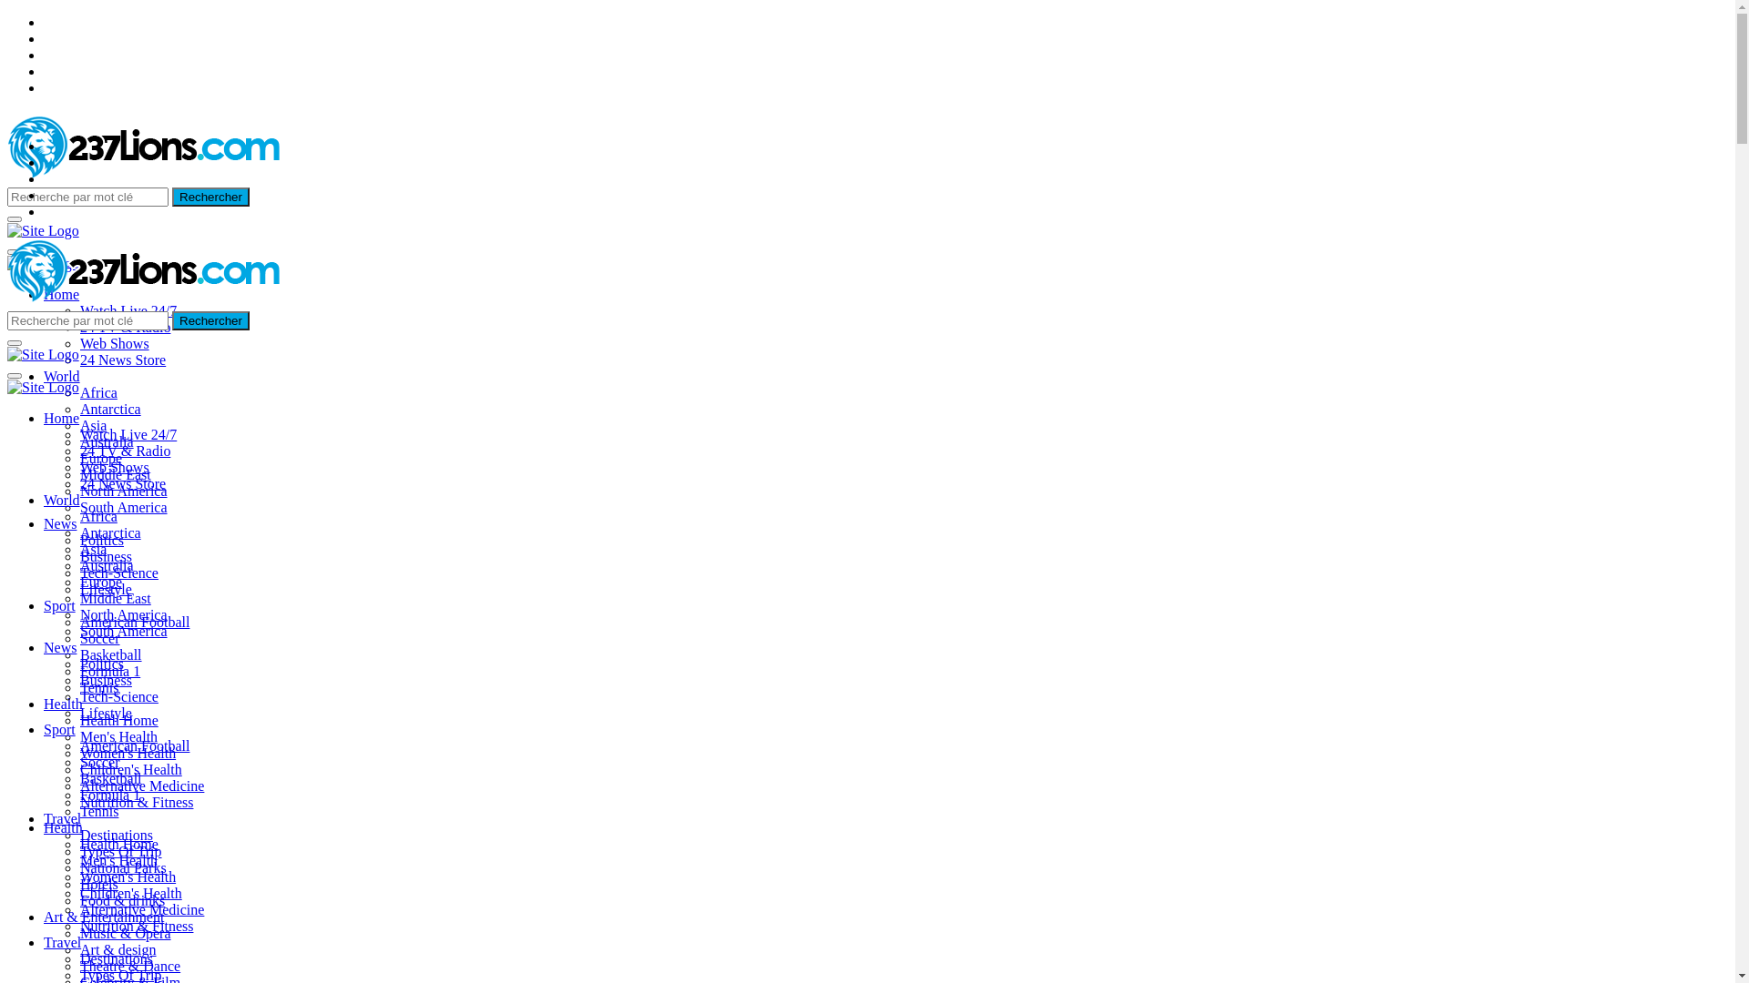 The height and width of the screenshot is (983, 1749). Describe the element at coordinates (78, 801) in the screenshot. I see `'Nutrition & Fitness'` at that location.